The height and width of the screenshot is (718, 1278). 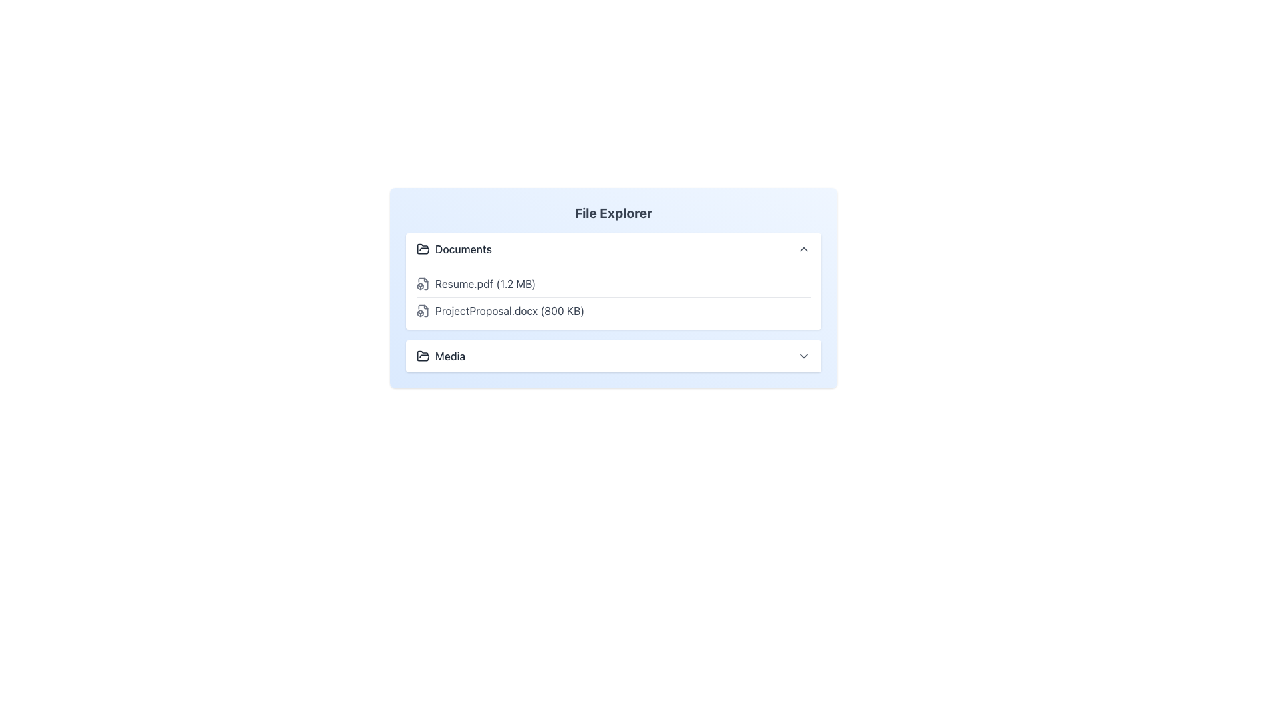 I want to click on the first list item labeled 'Resume.pdf (1.2 MB)', so click(x=612, y=283).